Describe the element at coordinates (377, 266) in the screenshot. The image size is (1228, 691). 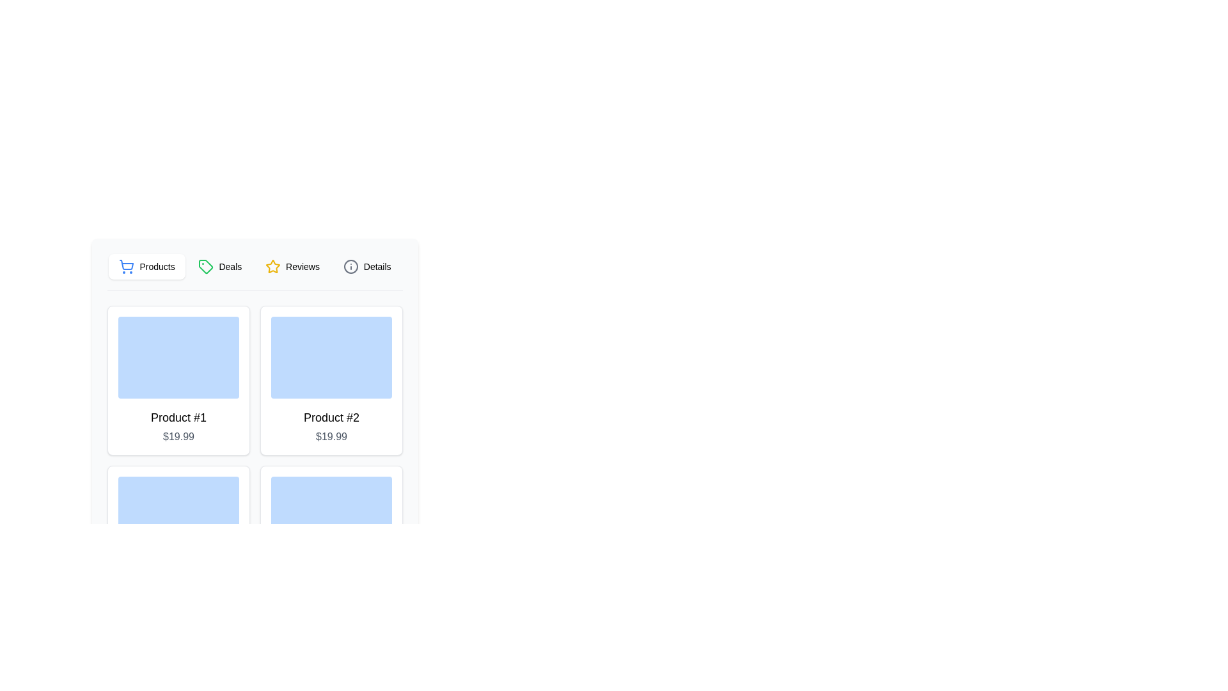
I see `displayed text of the 'Details' label in the navigation menu, located to the far right of the horizontal navigation row` at that location.